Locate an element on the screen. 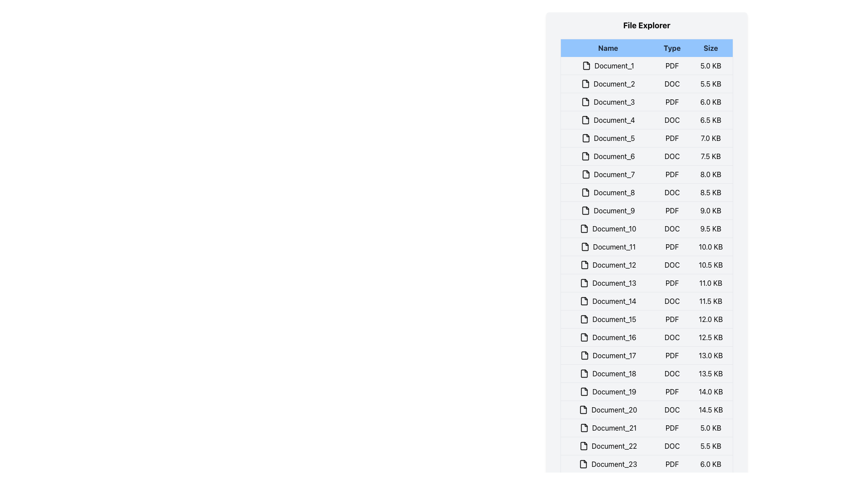 Image resolution: width=848 pixels, height=477 pixels. the label 'Document_13' in the file explorer UI, which is the leftmost section in its row, displaying the document name next to a file icon is located at coordinates (608, 283).